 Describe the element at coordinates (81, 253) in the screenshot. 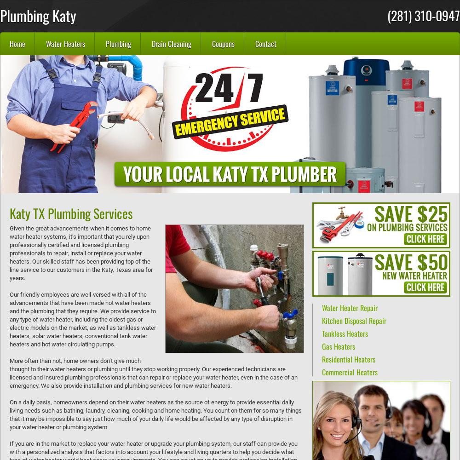

I see `'Given the great advancements when it comes to home water heater systems, it’s important that you rely upon professionally certified and licensed plumbing professionals to repair, install or replace your water heaters. Our skilled staff has been providing top of the line service to our customers in the Katy, Texas area for years.'` at that location.